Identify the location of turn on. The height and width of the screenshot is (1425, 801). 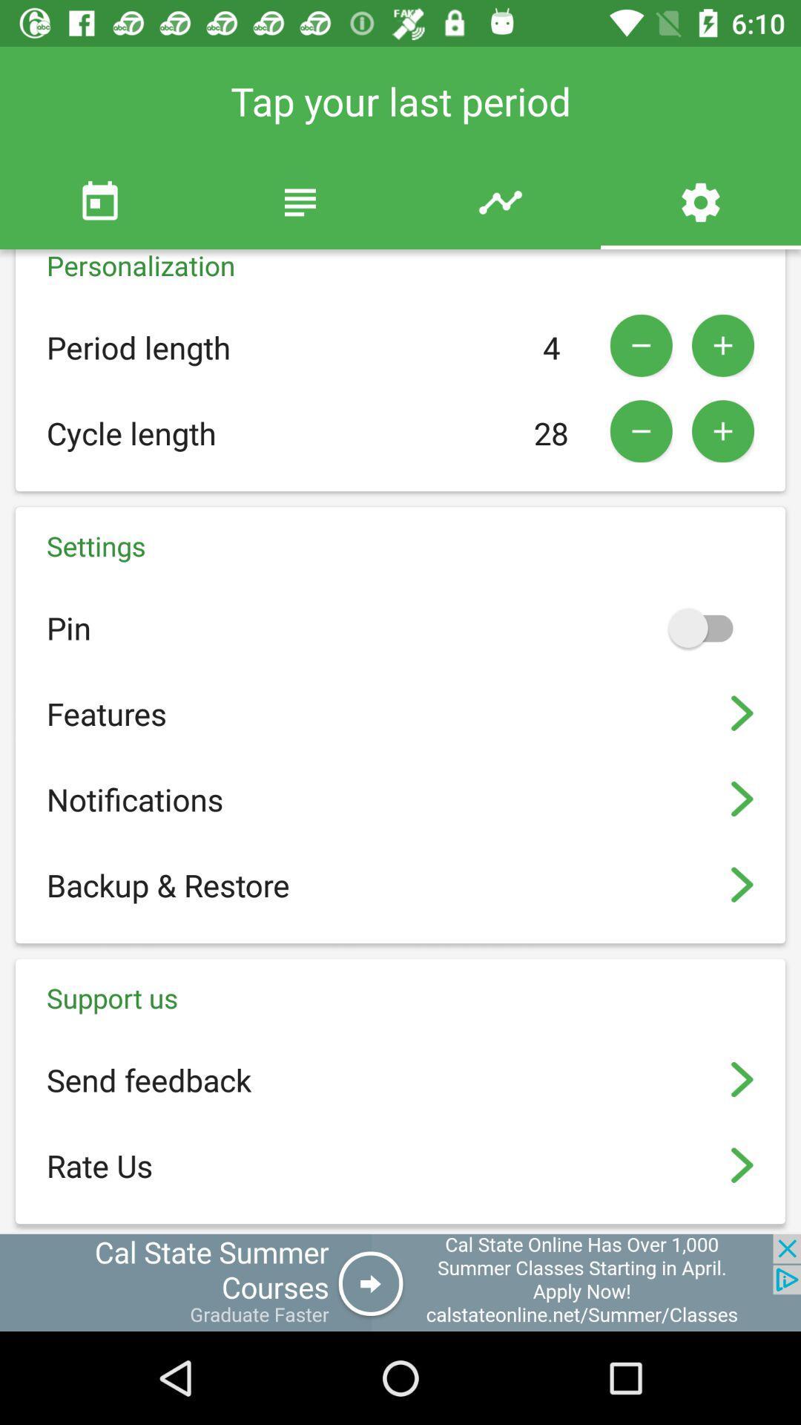
(707, 627).